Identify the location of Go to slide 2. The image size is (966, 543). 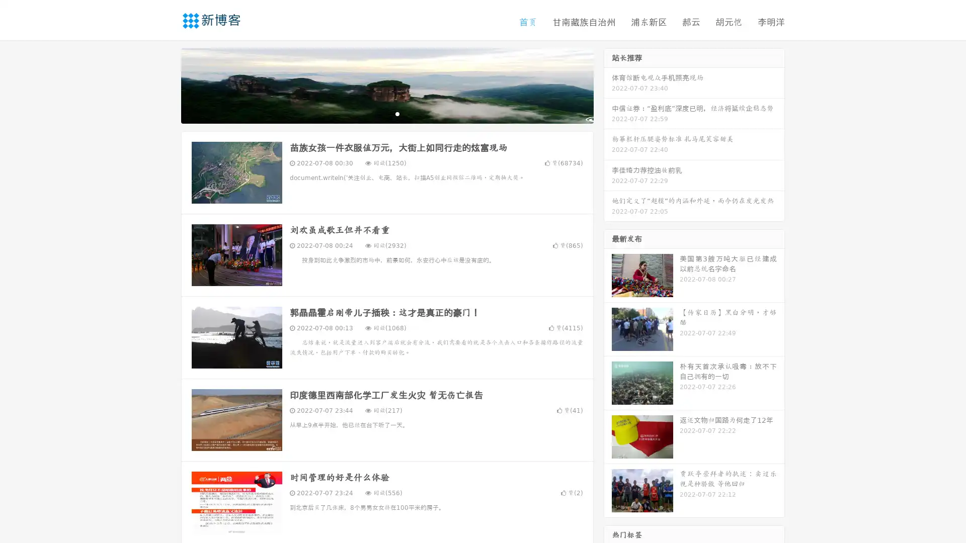
(386, 113).